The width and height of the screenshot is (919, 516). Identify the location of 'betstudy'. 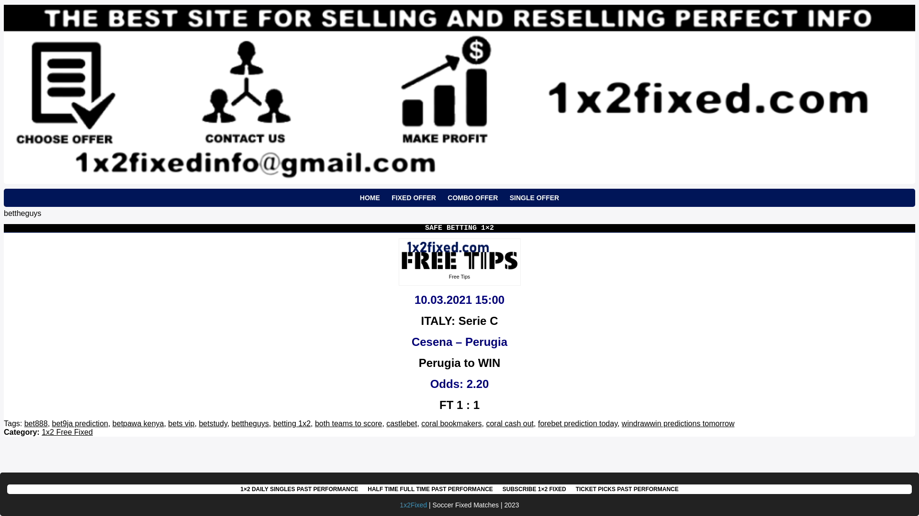
(198, 423).